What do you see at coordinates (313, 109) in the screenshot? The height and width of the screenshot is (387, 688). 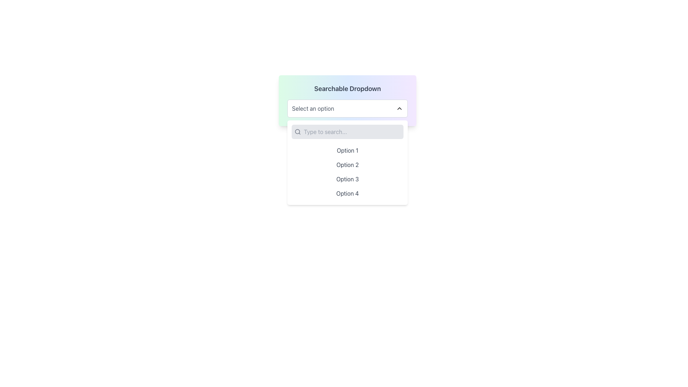 I see `the placeholder text inside the dropdown` at bounding box center [313, 109].